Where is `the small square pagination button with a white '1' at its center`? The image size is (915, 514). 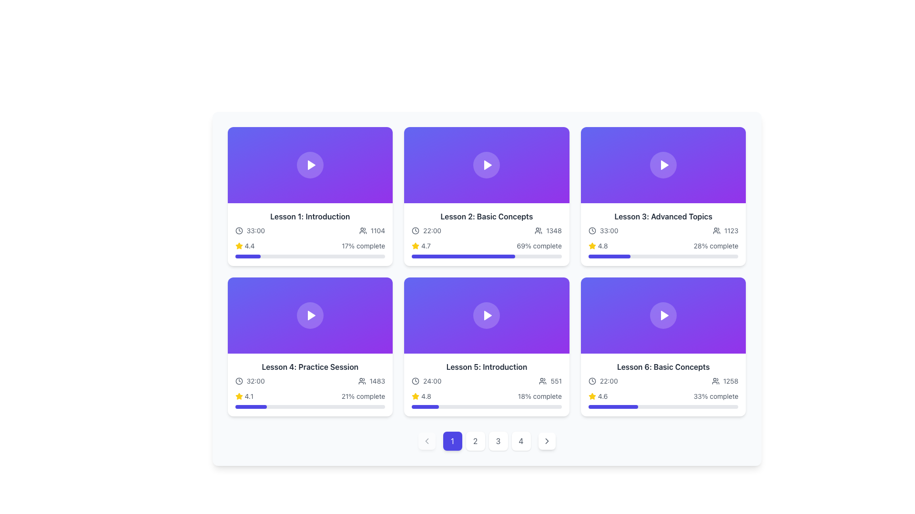
the small square pagination button with a white '1' at its center is located at coordinates (452, 441).